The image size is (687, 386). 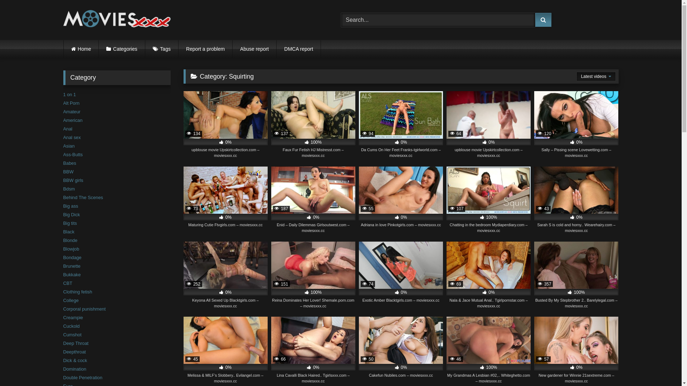 What do you see at coordinates (63, 154) in the screenshot?
I see `'Ass-Butts'` at bounding box center [63, 154].